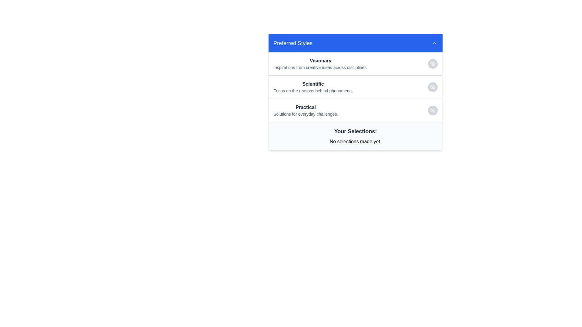 The width and height of the screenshot is (582, 327). What do you see at coordinates (320, 61) in the screenshot?
I see `the Text Label that serves as a header for the section, positioned above the descriptive text 'Inspirations from creative ideas across disciplines.'` at bounding box center [320, 61].